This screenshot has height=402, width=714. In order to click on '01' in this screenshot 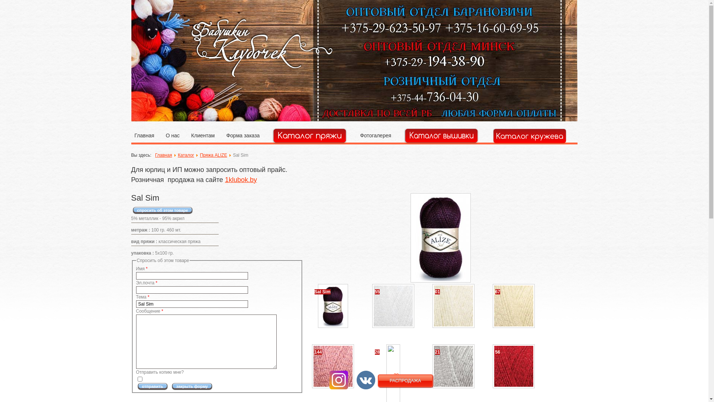, I will do `click(453, 306)`.